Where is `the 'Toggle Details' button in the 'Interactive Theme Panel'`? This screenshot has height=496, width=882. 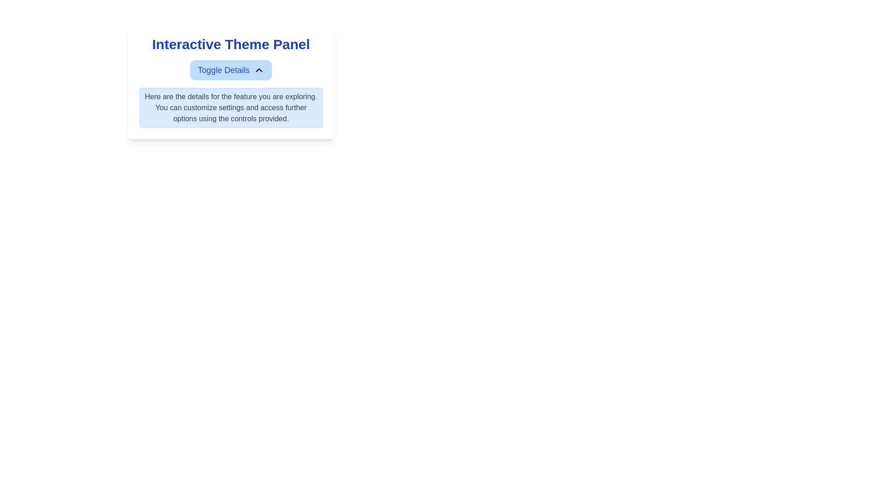 the 'Toggle Details' button in the 'Interactive Theme Panel' is located at coordinates (231, 81).